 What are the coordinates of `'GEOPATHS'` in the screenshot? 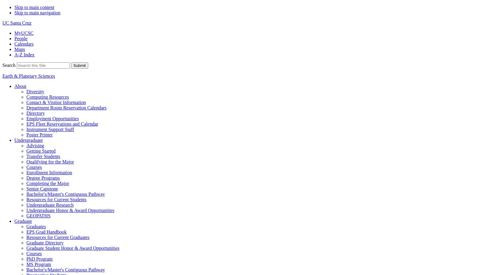 It's located at (38, 216).